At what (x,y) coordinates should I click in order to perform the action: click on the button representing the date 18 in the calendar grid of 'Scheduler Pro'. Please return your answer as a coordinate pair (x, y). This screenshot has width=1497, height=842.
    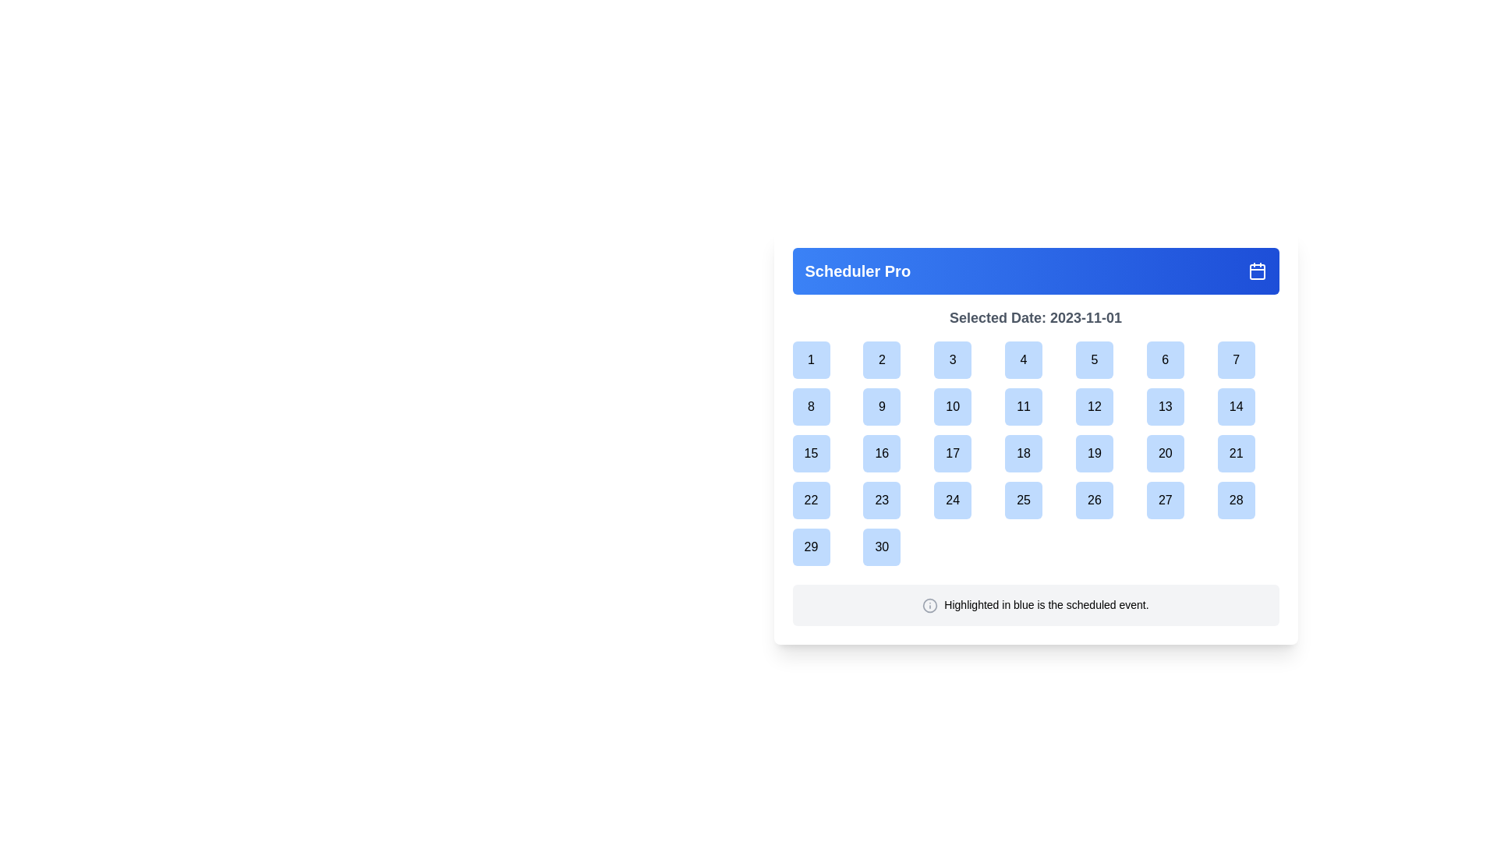
    Looking at the image, I should click on (1035, 437).